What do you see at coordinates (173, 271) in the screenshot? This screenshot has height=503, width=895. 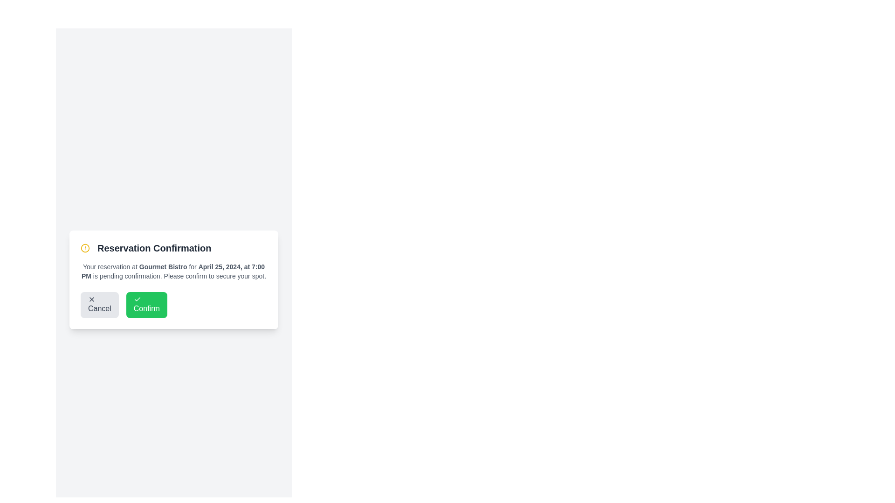 I see `the text label displaying the reservation date and time 'April 25, 2024, at 7:00 PM' in gray color, located in the confirmation dialog box` at bounding box center [173, 271].